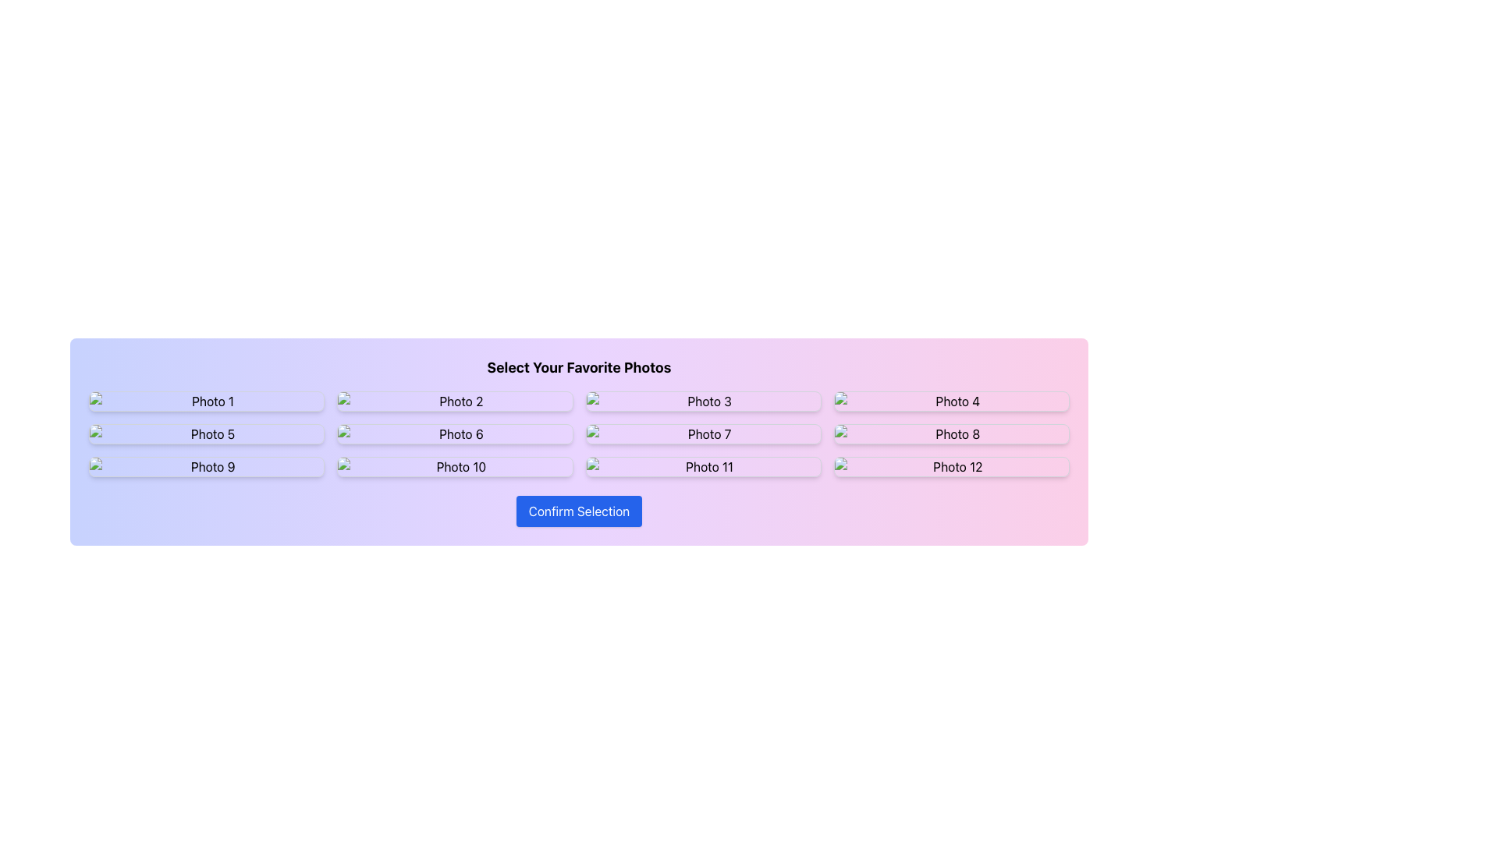 The image size is (1498, 842). I want to click on the image component displaying a placeholder for 'Photo 10' located in the third column of the grid layout, so click(454, 465).